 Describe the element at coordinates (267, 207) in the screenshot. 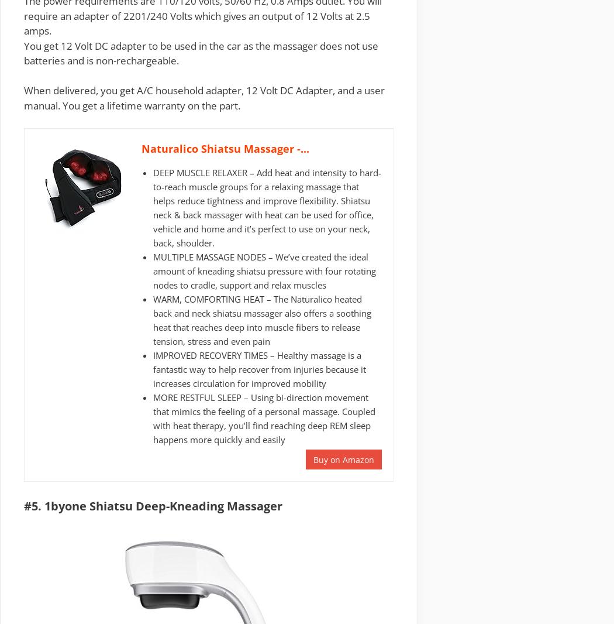

I see `'DEEP MUSCLE RELAXER – Add heat and intensity to hard-to-reach muscle groups for a relaxing massage that helps reduce tightness and improve flexibility. Shiatsu neck & back massager with heat can be used for office, vehicle and home and it’s perfect to use on your neck, back, shoulder.'` at that location.